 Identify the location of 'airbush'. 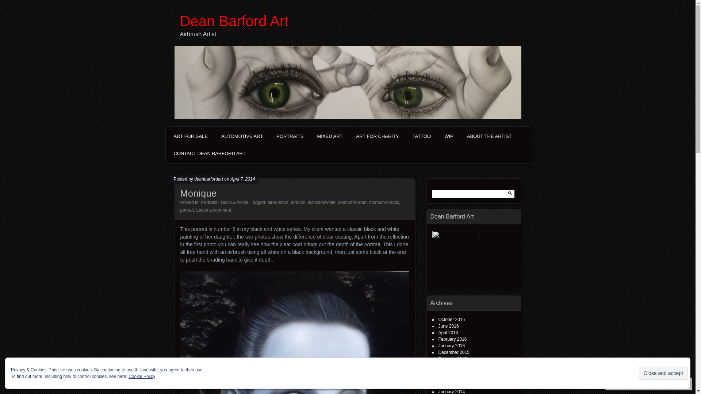
(298, 202).